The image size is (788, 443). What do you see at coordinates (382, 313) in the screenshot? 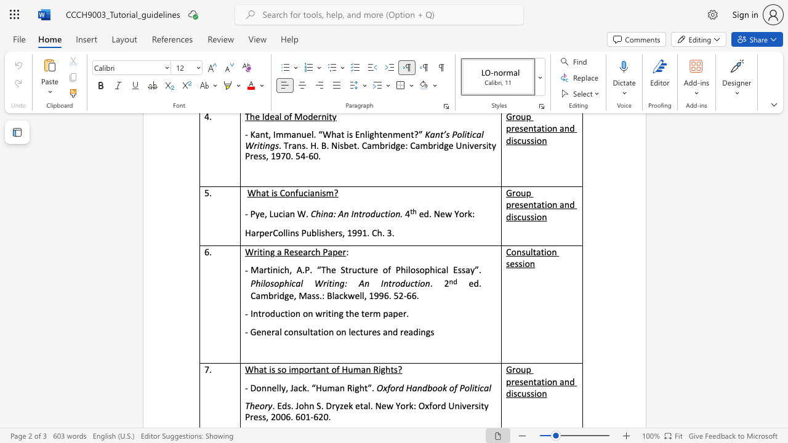
I see `the subset text "pap" within the text "Introduction on writing the term paper."` at bounding box center [382, 313].